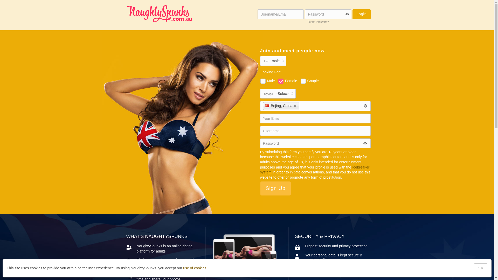 This screenshot has height=280, width=498. I want to click on 'use of cookies', so click(194, 268).